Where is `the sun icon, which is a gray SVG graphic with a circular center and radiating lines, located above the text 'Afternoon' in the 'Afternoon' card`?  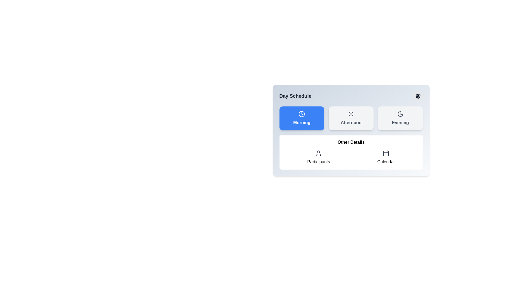 the sun icon, which is a gray SVG graphic with a circular center and radiating lines, located above the text 'Afternoon' in the 'Afternoon' card is located at coordinates (351, 114).